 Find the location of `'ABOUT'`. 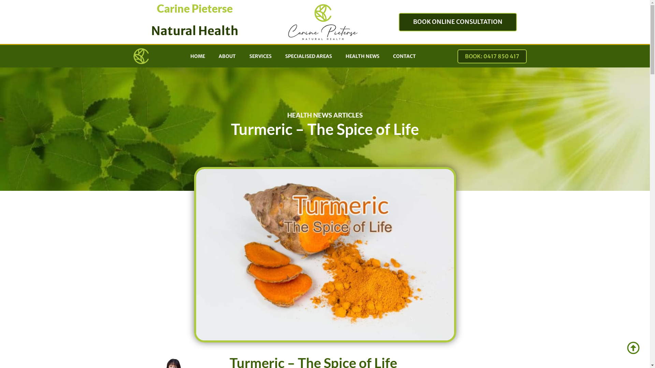

'ABOUT' is located at coordinates (227, 56).